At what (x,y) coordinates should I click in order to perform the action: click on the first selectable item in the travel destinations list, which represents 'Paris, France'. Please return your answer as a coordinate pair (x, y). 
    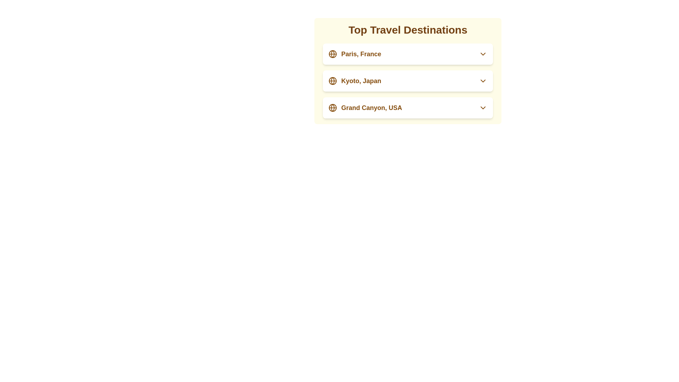
    Looking at the image, I should click on (408, 54).